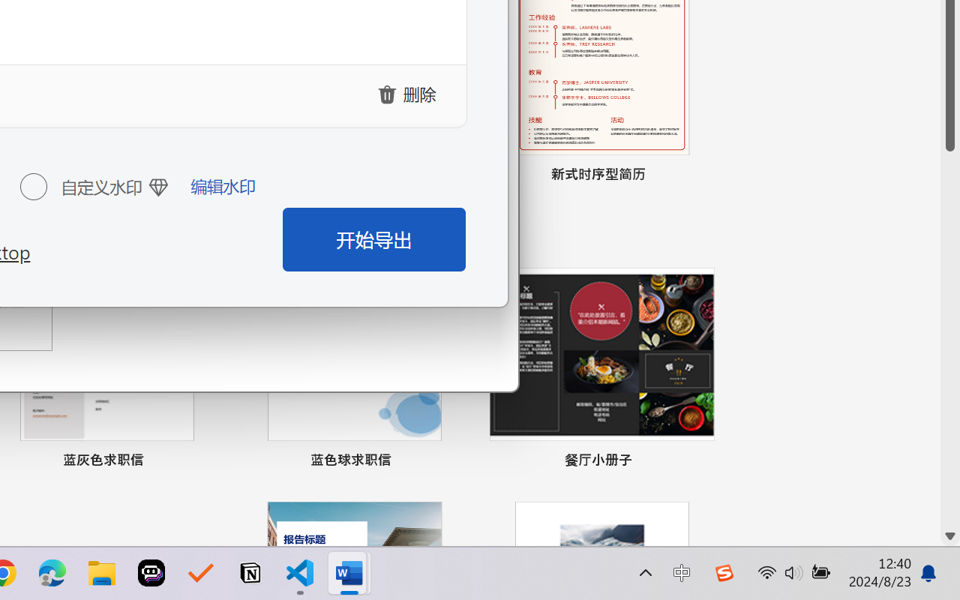 This screenshot has height=600, width=960. Describe the element at coordinates (949, 535) in the screenshot. I see `'Line down'` at that location.